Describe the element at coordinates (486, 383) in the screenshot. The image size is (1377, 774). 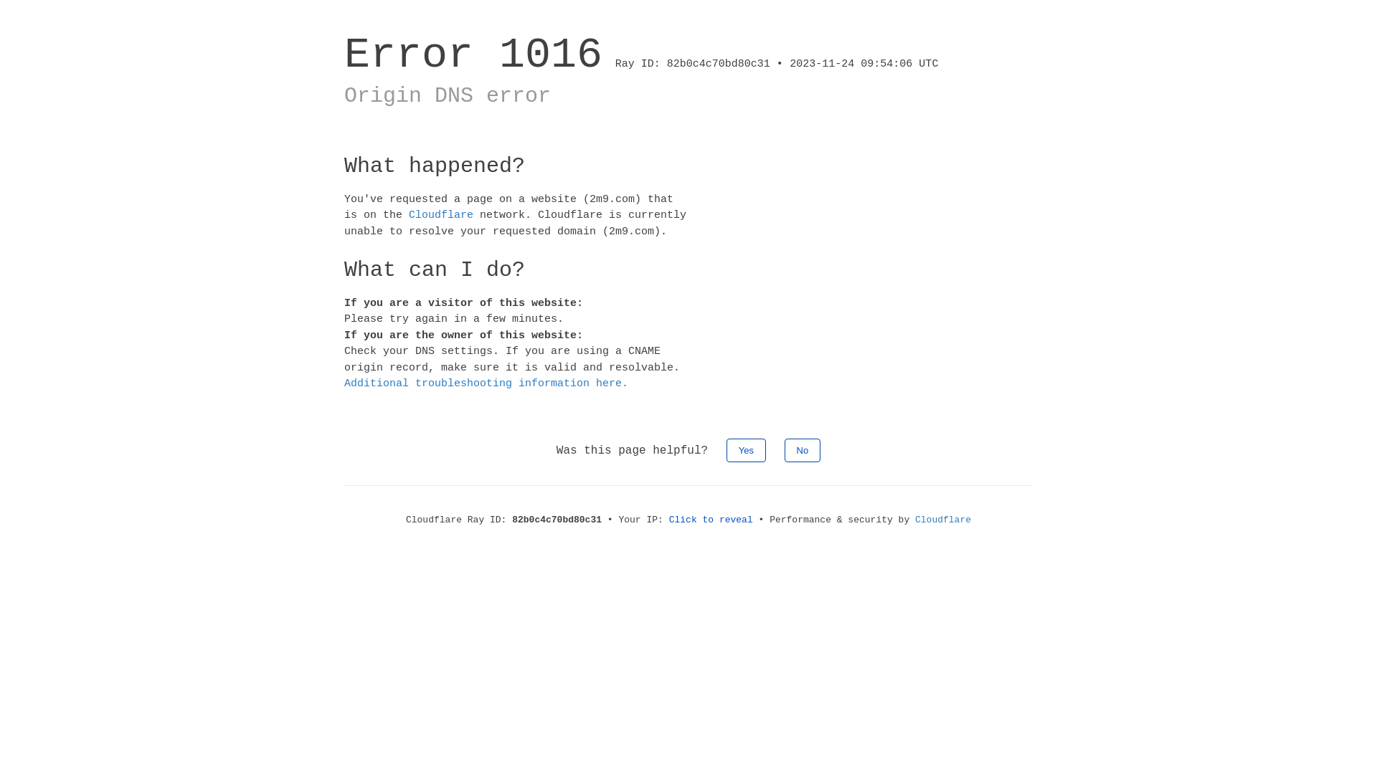
I see `'Additional troubleshooting information here.'` at that location.